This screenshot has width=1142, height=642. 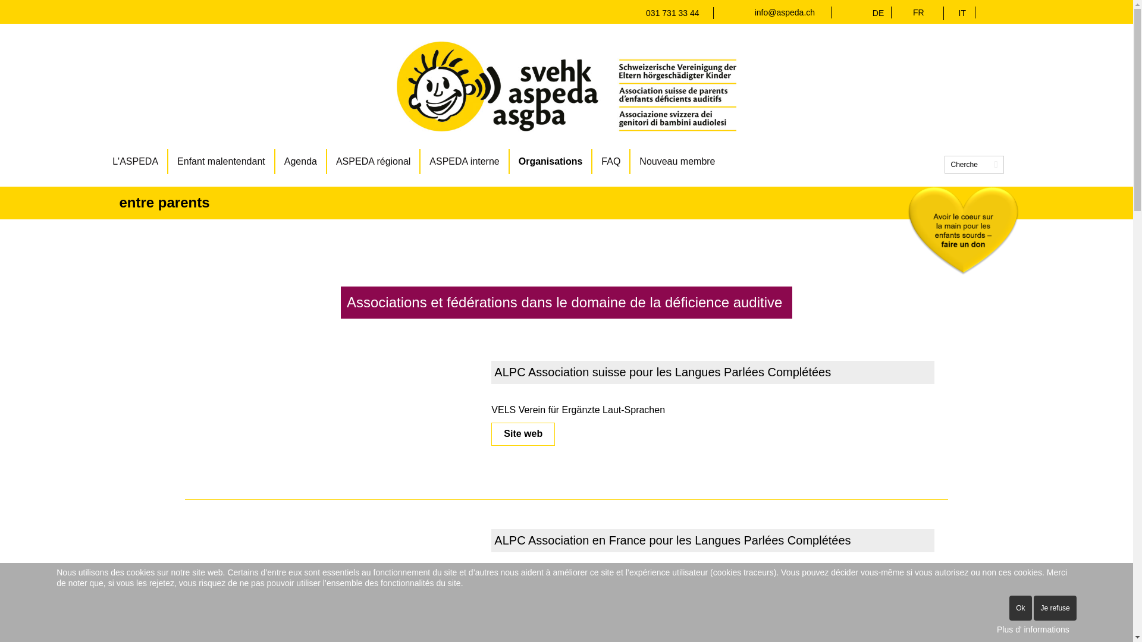 I want to click on 'Ok', so click(x=1019, y=608).